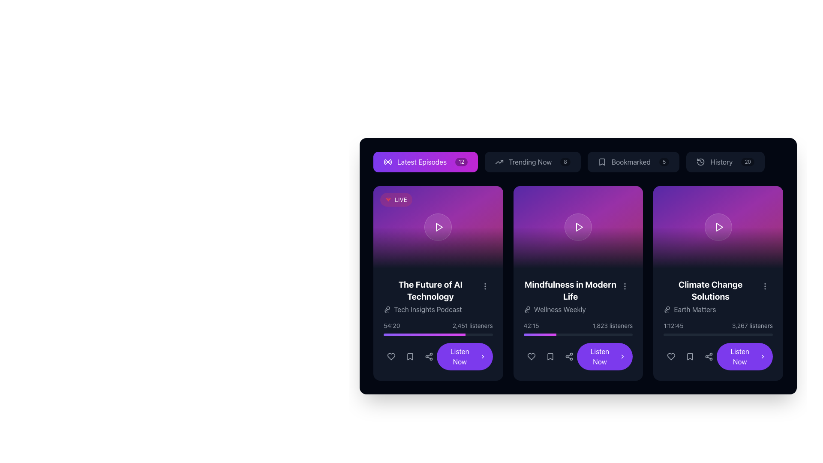 This screenshot has height=463, width=823. I want to click on the 'Listen Now' button with a purple background and white text, located at the bottom of the third podcast card titled 'Climate Change Solutions', so click(604, 357).